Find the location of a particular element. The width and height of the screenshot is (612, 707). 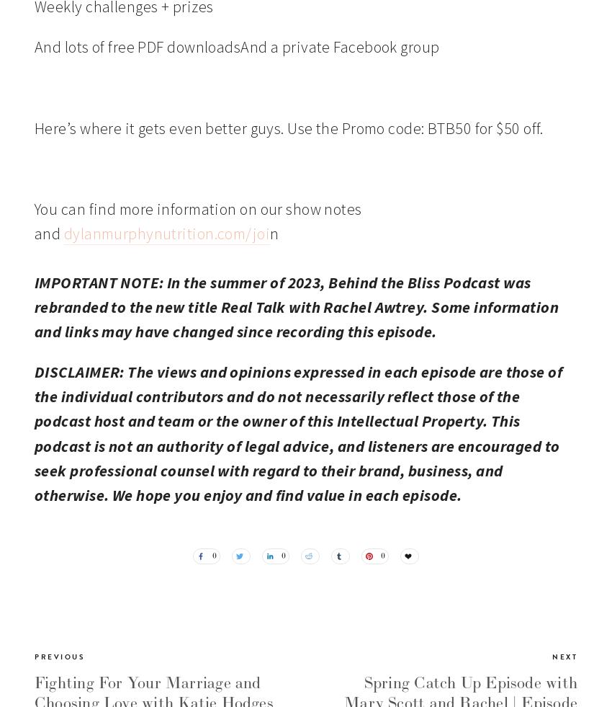

'Previous' is located at coordinates (59, 656).